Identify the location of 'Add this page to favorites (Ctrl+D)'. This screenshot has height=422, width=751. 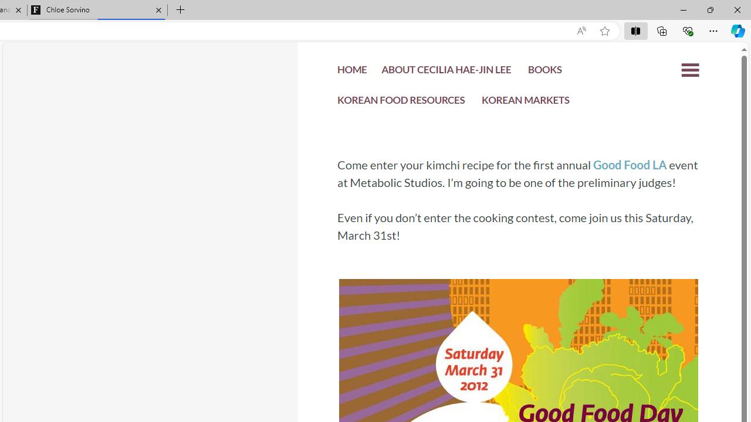
(605, 30).